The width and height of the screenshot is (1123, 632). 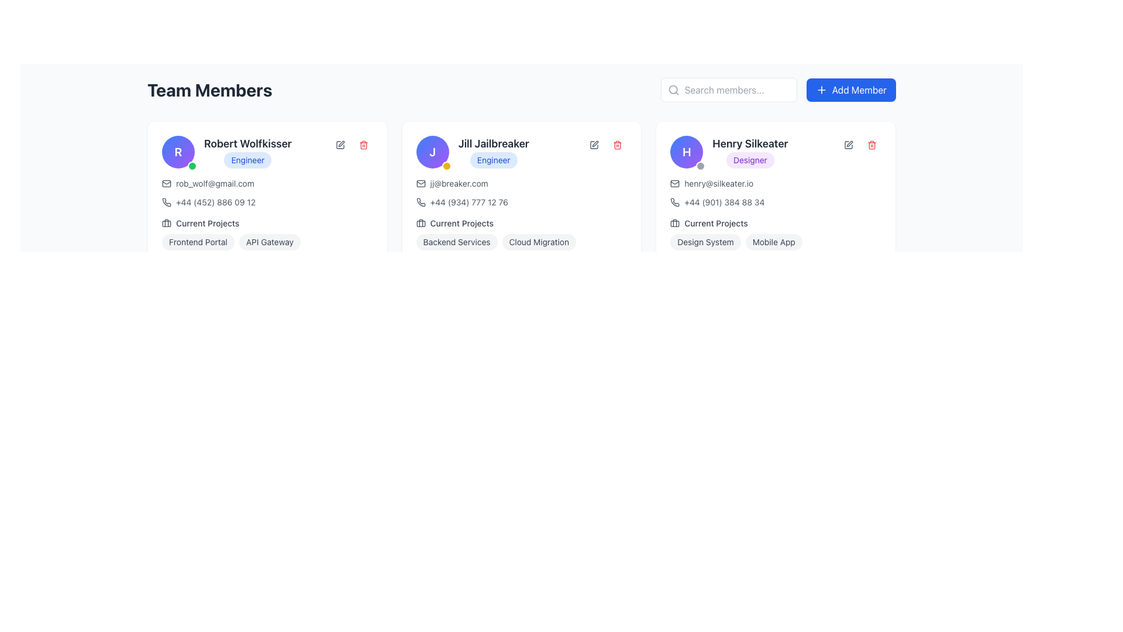 What do you see at coordinates (521, 193) in the screenshot?
I see `the email link in the Complex Contact Information Block for 'Jill Jailbreaker'` at bounding box center [521, 193].